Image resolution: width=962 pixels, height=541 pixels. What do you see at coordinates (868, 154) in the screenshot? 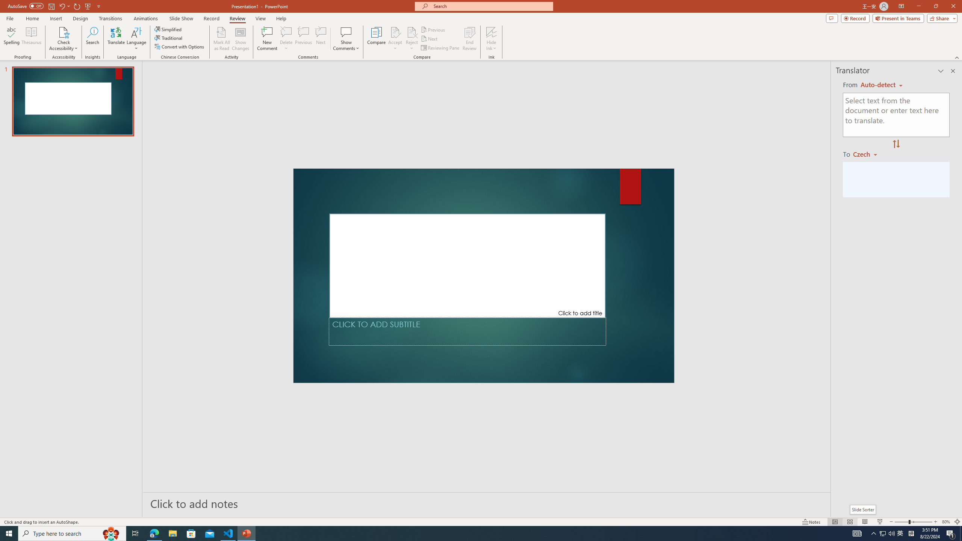
I see `'Czech'` at bounding box center [868, 154].